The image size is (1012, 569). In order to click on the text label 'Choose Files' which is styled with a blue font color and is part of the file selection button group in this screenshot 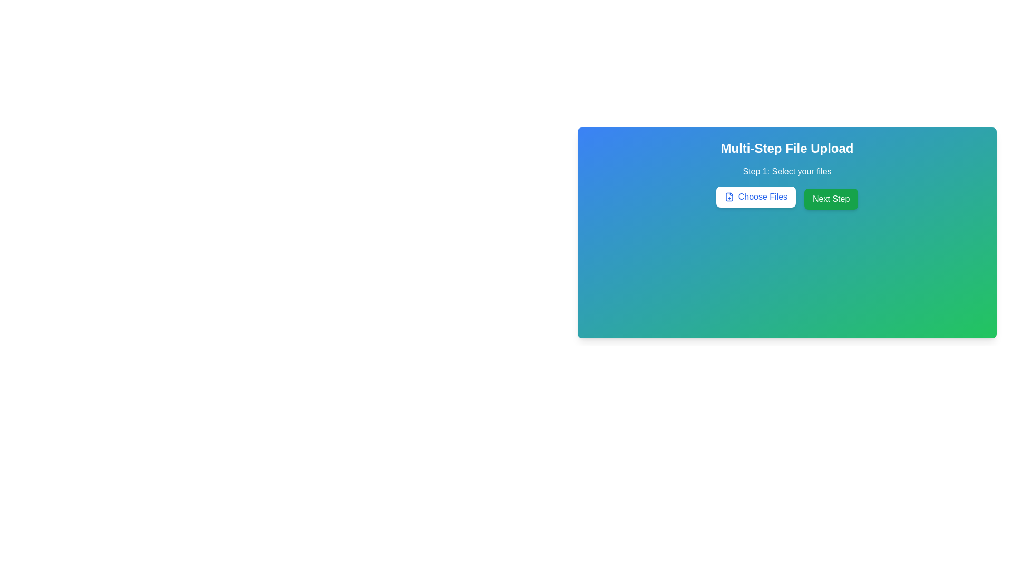, I will do `click(763, 197)`.